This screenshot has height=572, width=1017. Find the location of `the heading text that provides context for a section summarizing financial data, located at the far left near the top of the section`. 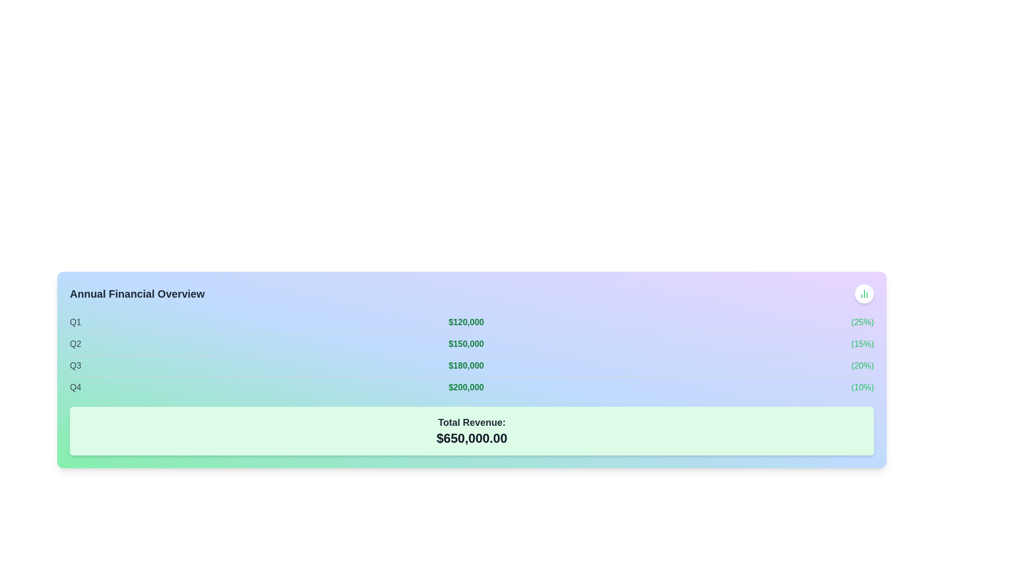

the heading text that provides context for a section summarizing financial data, located at the far left near the top of the section is located at coordinates (137, 294).